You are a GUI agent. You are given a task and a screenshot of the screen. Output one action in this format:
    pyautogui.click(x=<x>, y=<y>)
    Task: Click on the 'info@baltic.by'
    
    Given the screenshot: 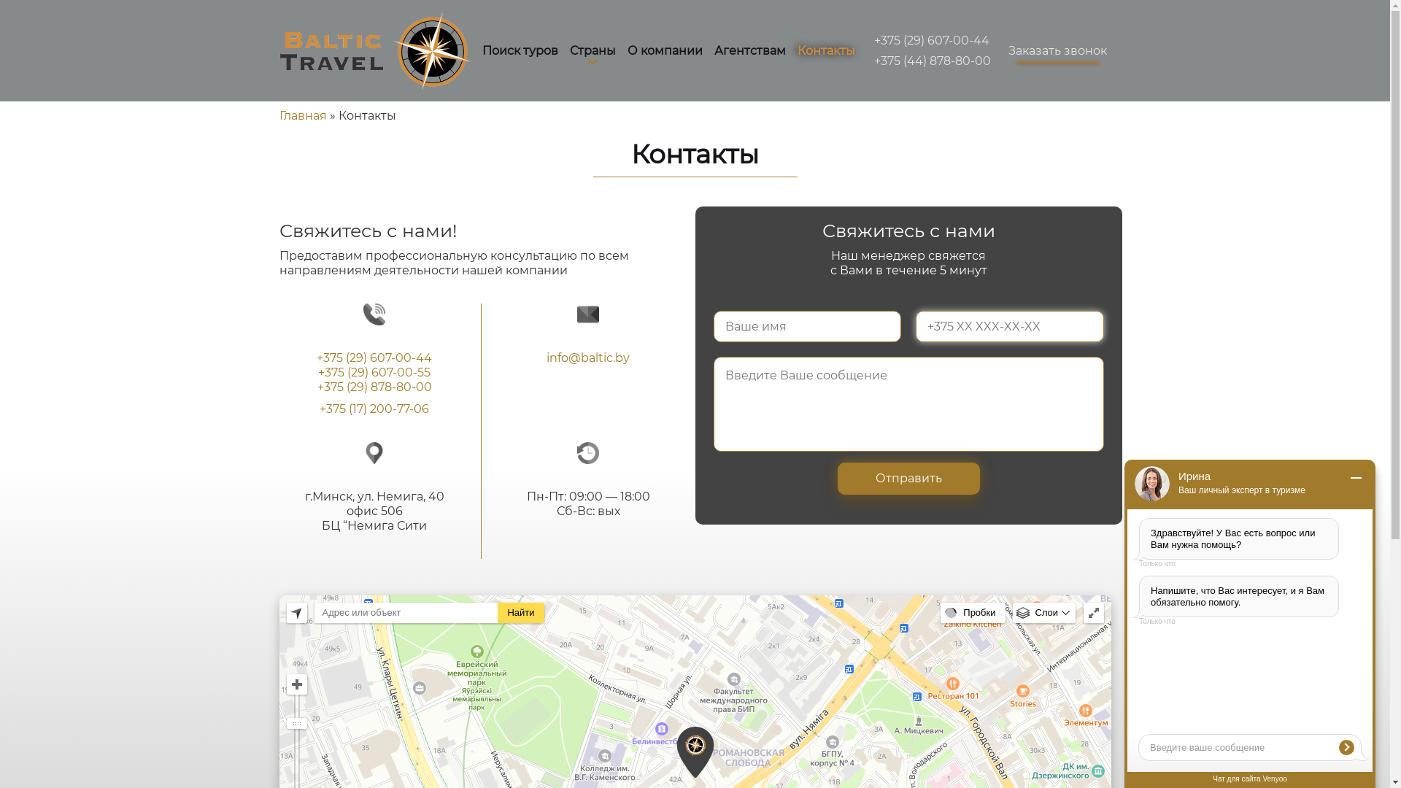 What is the action you would take?
    pyautogui.click(x=588, y=357)
    